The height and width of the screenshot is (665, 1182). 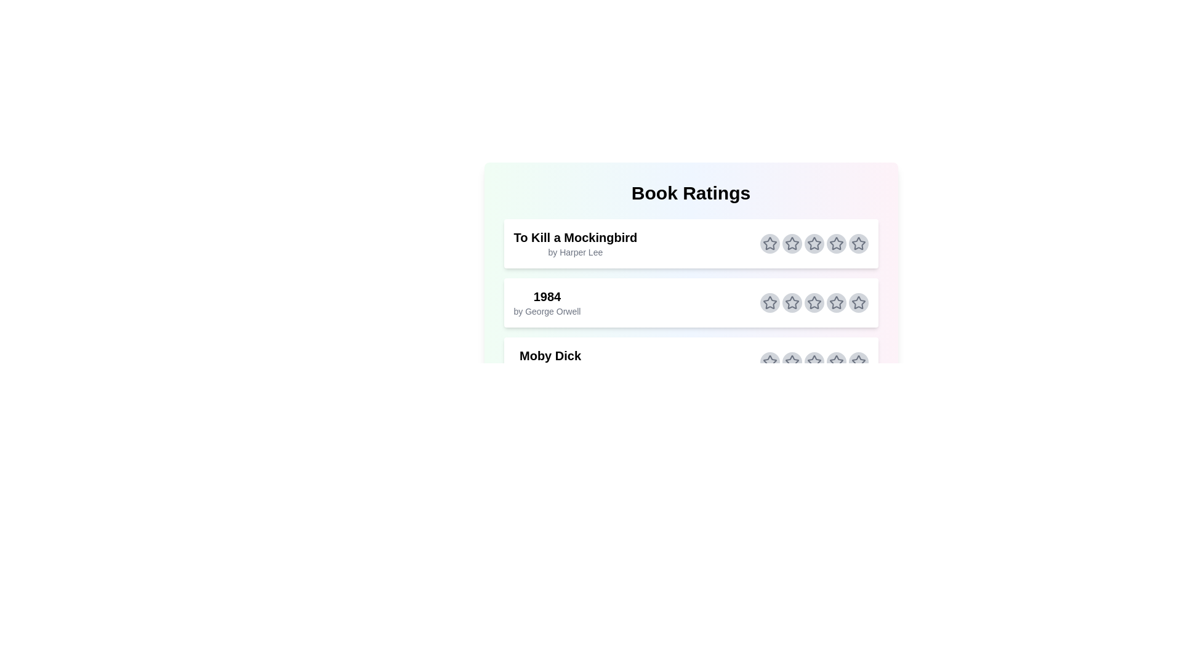 What do you see at coordinates (691, 244) in the screenshot?
I see `the book entry for To Kill a Mockingbird` at bounding box center [691, 244].